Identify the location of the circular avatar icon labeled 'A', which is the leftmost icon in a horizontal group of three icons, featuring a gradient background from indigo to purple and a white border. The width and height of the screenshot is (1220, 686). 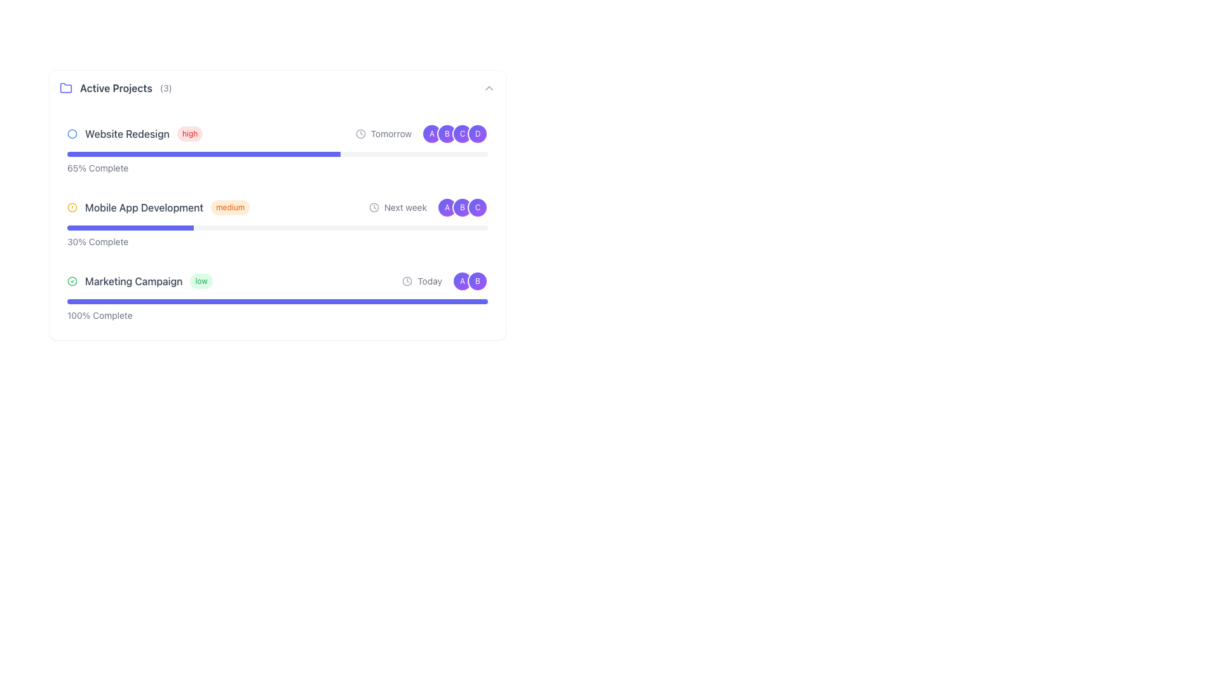
(447, 207).